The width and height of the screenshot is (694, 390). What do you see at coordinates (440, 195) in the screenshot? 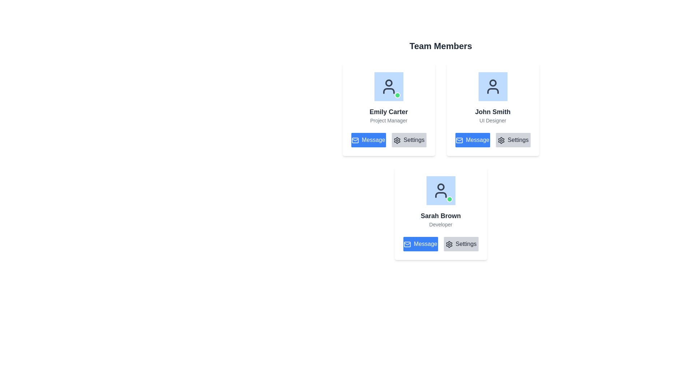
I see `the semicircular shape located below the avatar icon of Sarah Brown's card in the bottom row of a 3-card grid layout` at bounding box center [440, 195].